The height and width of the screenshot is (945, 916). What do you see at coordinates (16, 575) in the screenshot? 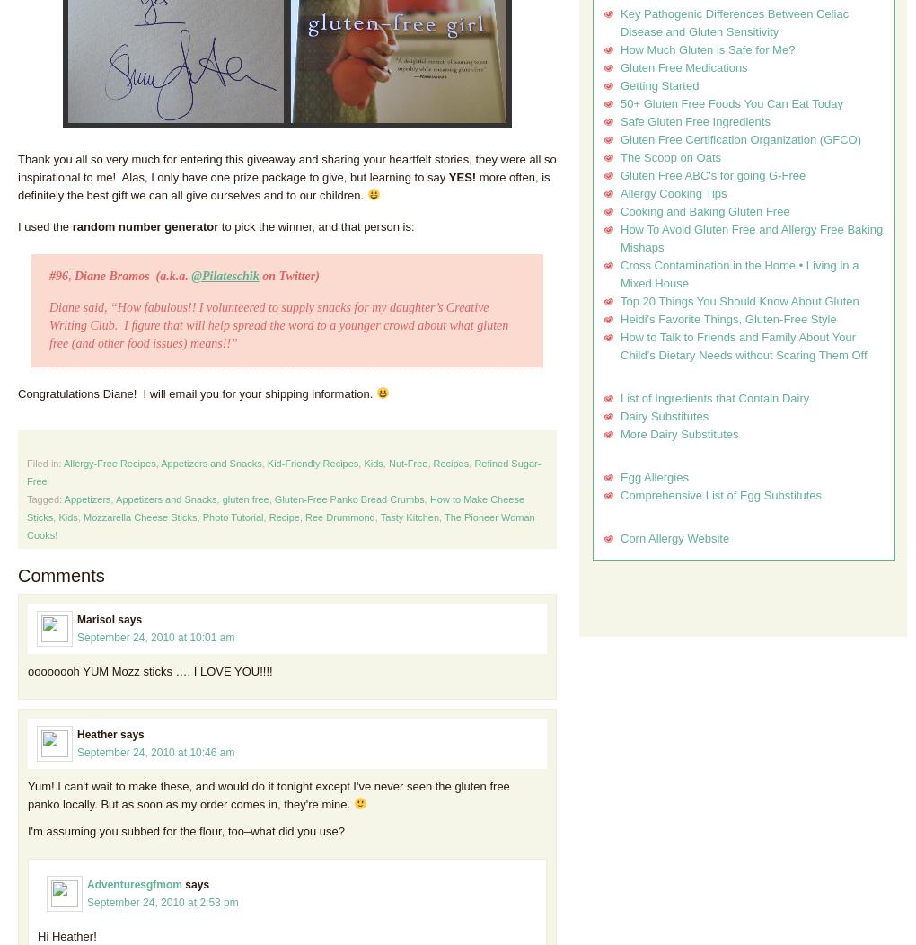
I see `'Comments'` at bounding box center [16, 575].